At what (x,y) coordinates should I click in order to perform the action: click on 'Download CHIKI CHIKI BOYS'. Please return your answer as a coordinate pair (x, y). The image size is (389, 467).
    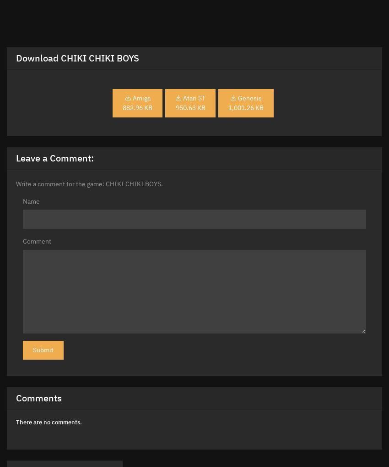
    Looking at the image, I should click on (77, 57).